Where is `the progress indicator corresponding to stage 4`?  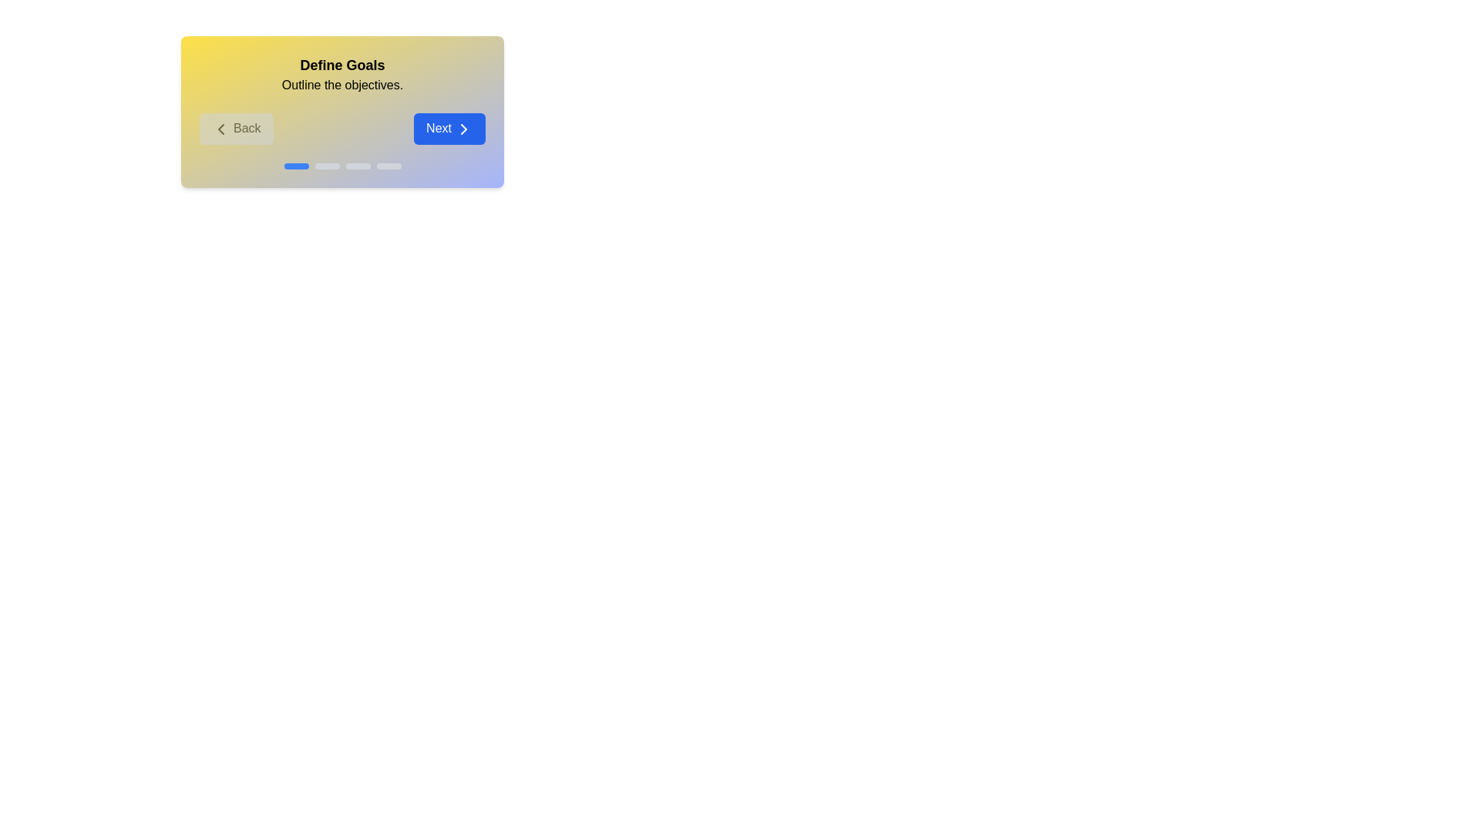 the progress indicator corresponding to stage 4 is located at coordinates (388, 166).